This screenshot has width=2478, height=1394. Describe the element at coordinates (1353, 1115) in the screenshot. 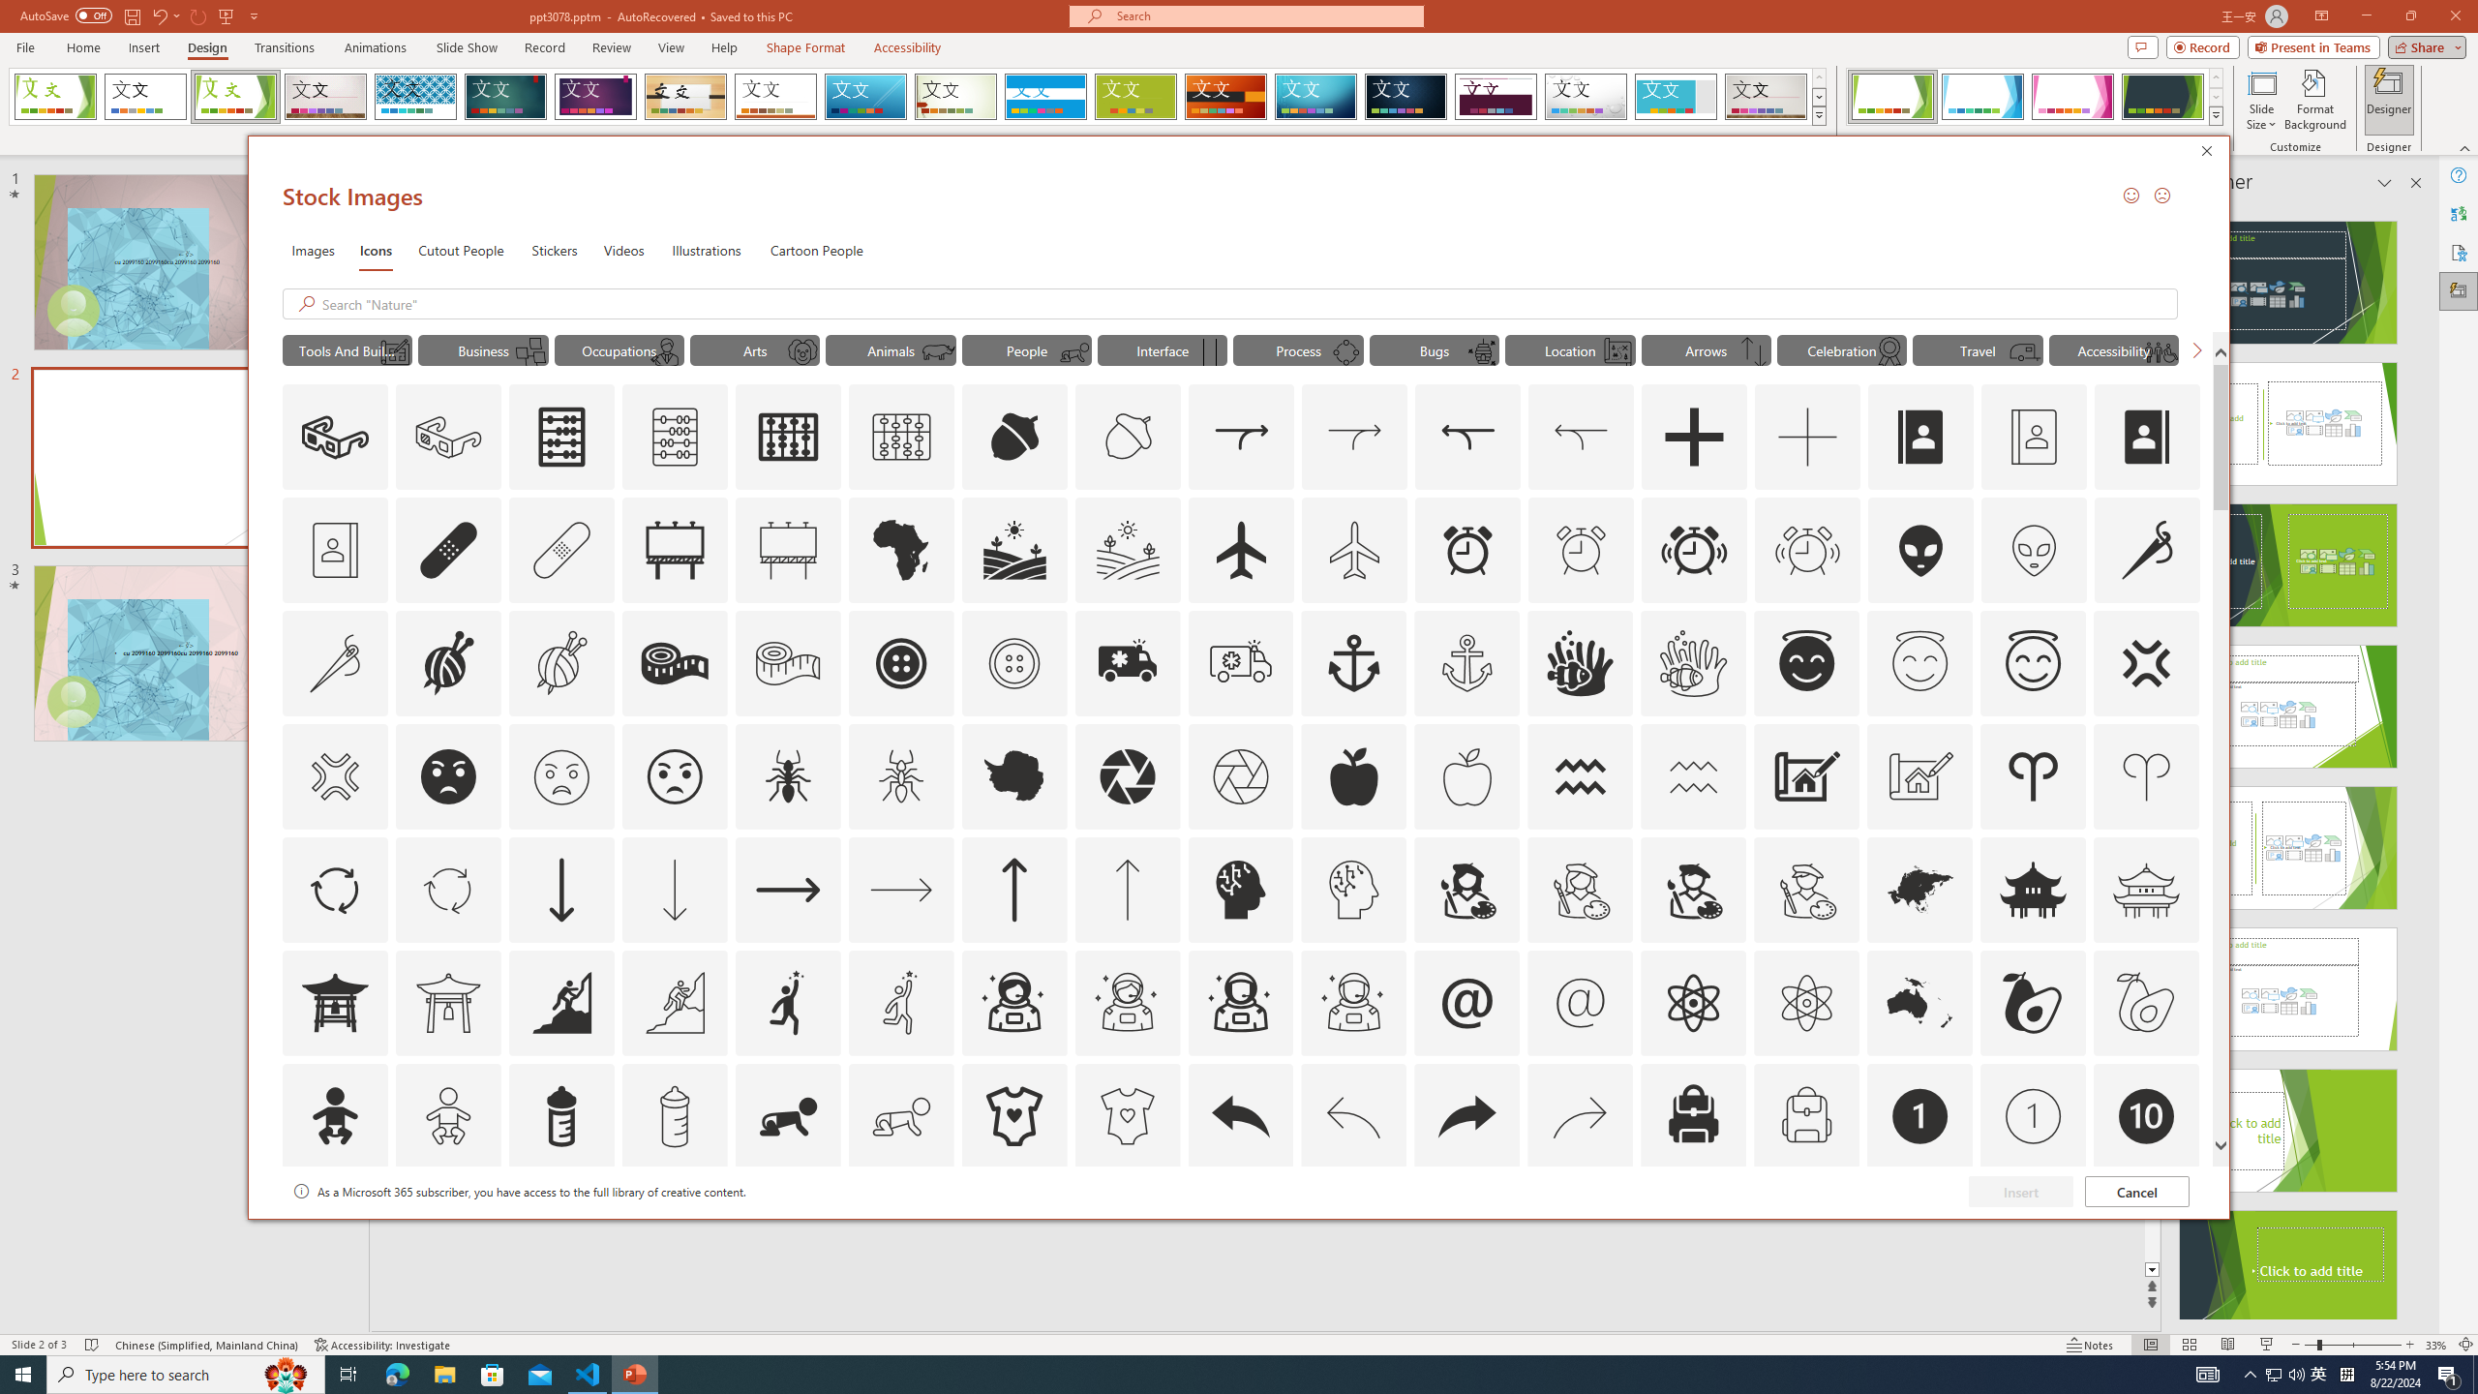

I see `'AutomationID: Icons_Back_LTR_M'` at that location.